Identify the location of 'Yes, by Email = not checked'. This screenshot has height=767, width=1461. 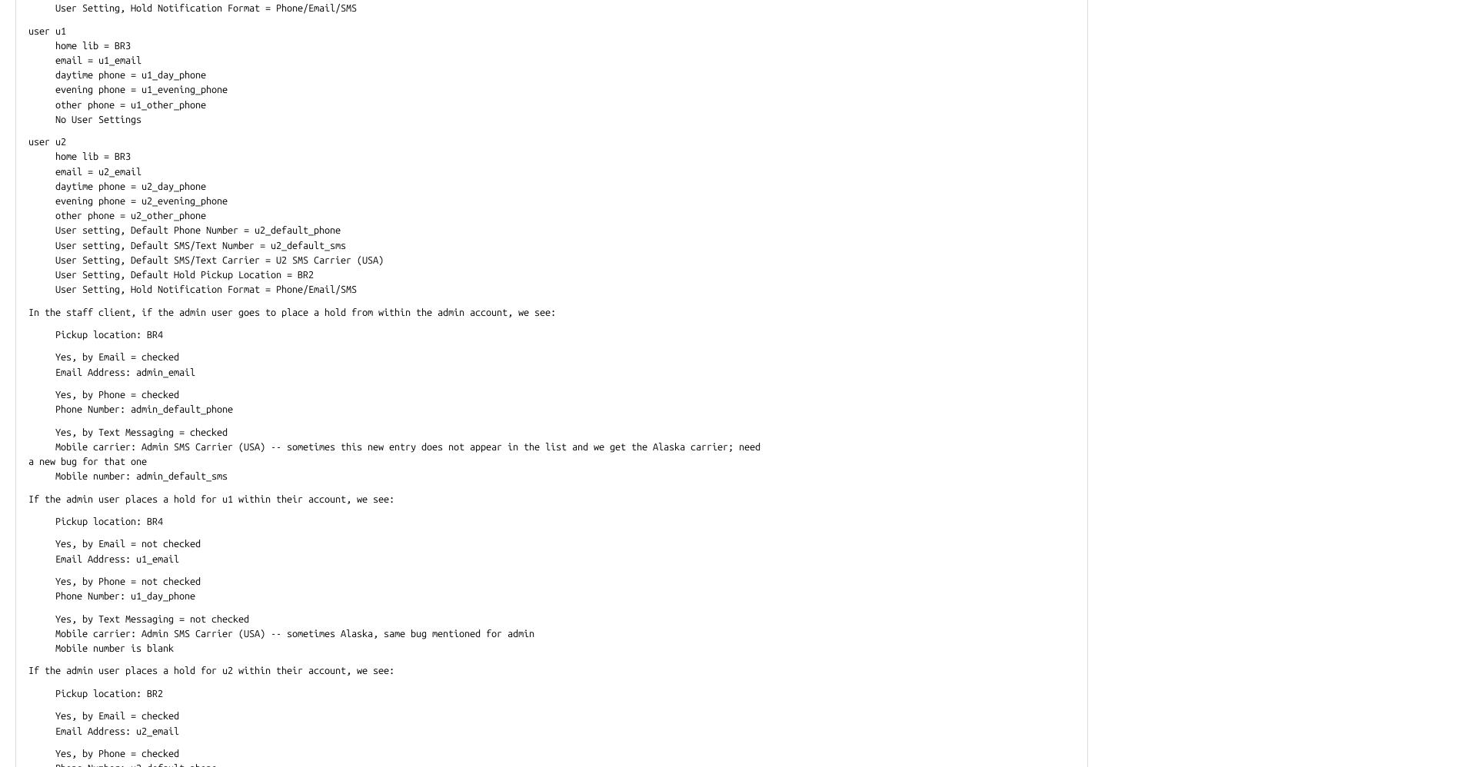
(114, 543).